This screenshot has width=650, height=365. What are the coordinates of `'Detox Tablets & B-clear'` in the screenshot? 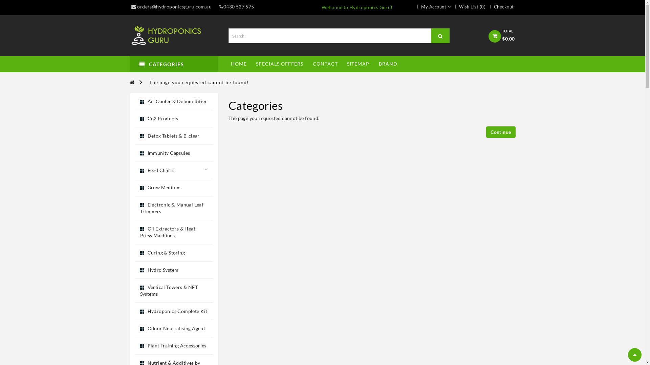 It's located at (135, 136).